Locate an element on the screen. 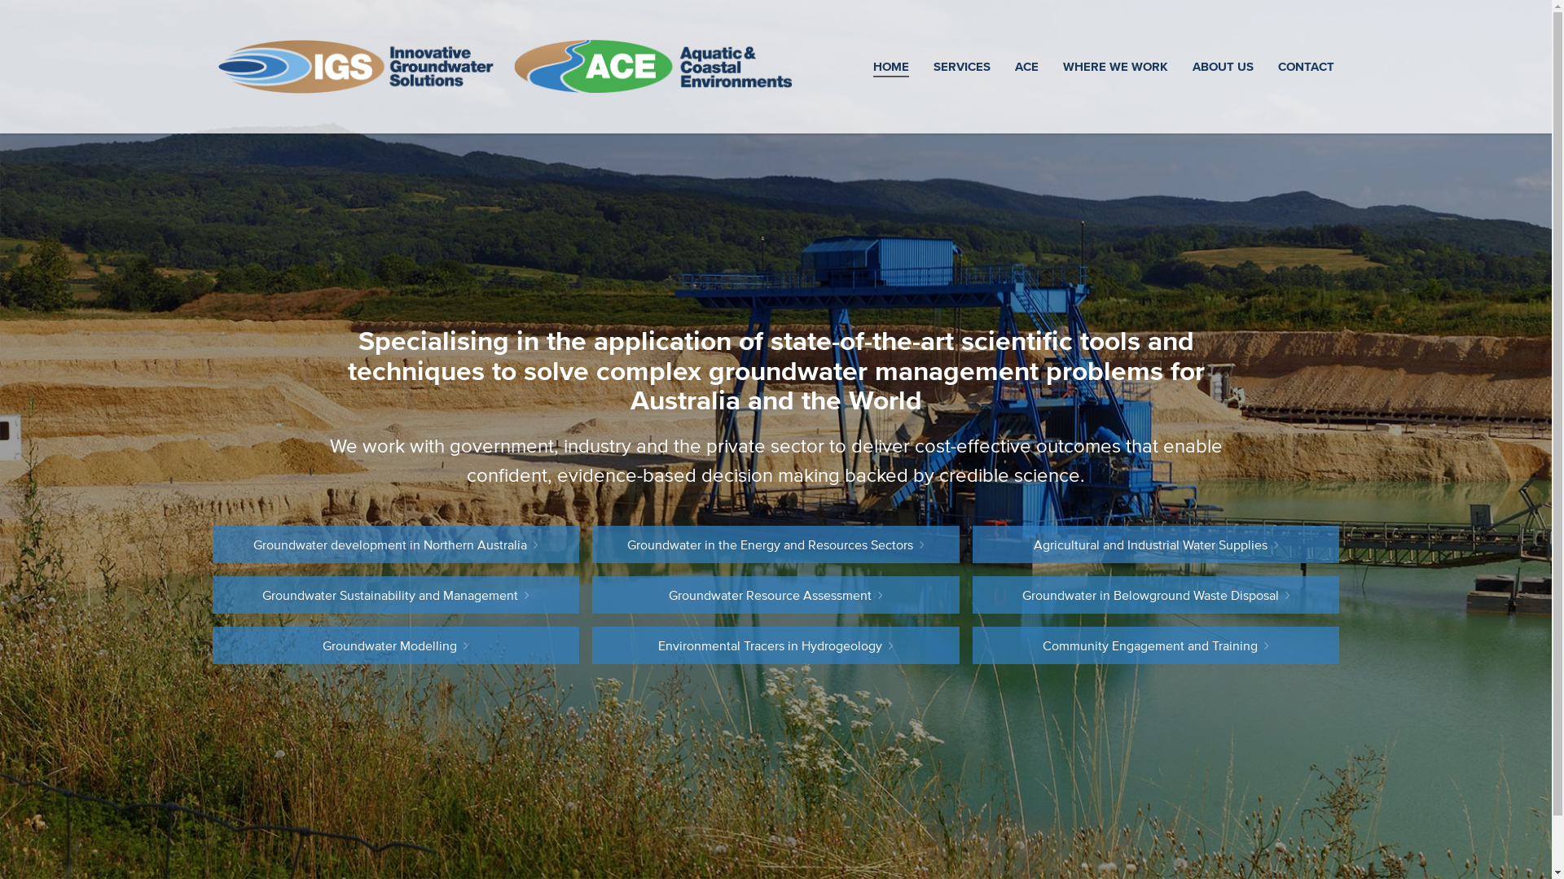 The width and height of the screenshot is (1564, 879). 'HOME' is located at coordinates (890, 65).